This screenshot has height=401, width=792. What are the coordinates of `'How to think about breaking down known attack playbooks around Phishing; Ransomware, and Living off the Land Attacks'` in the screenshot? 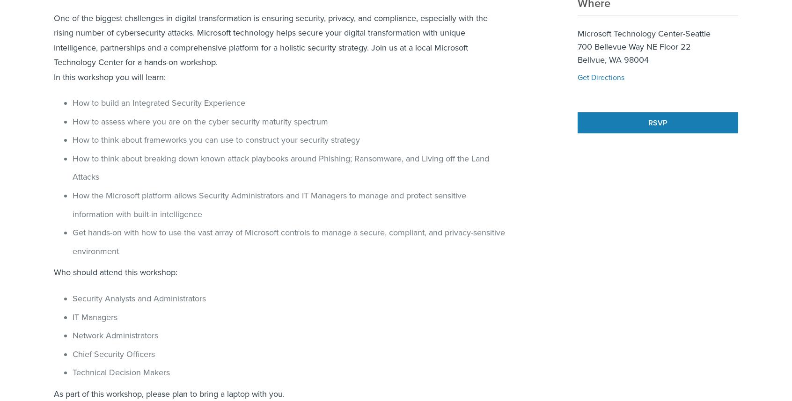 It's located at (71, 167).